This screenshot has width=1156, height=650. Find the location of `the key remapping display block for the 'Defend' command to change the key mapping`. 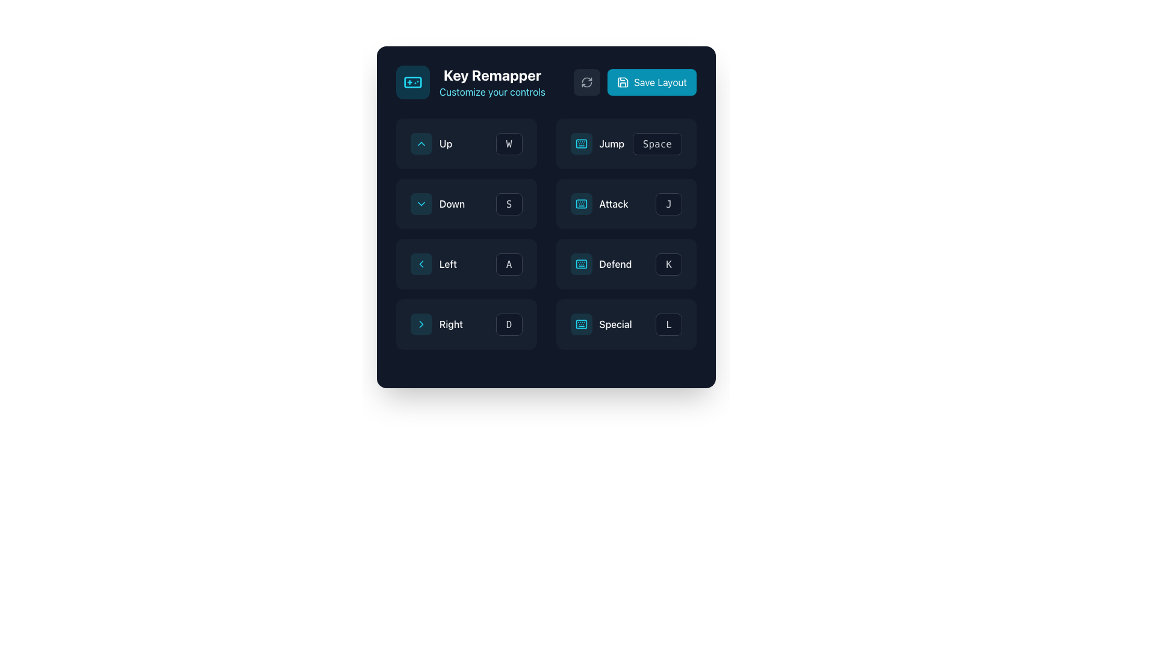

the key remapping display block for the 'Defend' command to change the key mapping is located at coordinates (626, 264).